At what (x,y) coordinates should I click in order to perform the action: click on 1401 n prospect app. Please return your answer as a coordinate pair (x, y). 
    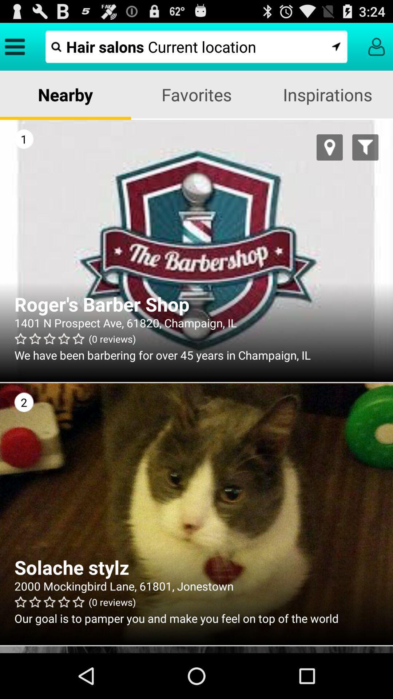
    Looking at the image, I should click on (196, 322).